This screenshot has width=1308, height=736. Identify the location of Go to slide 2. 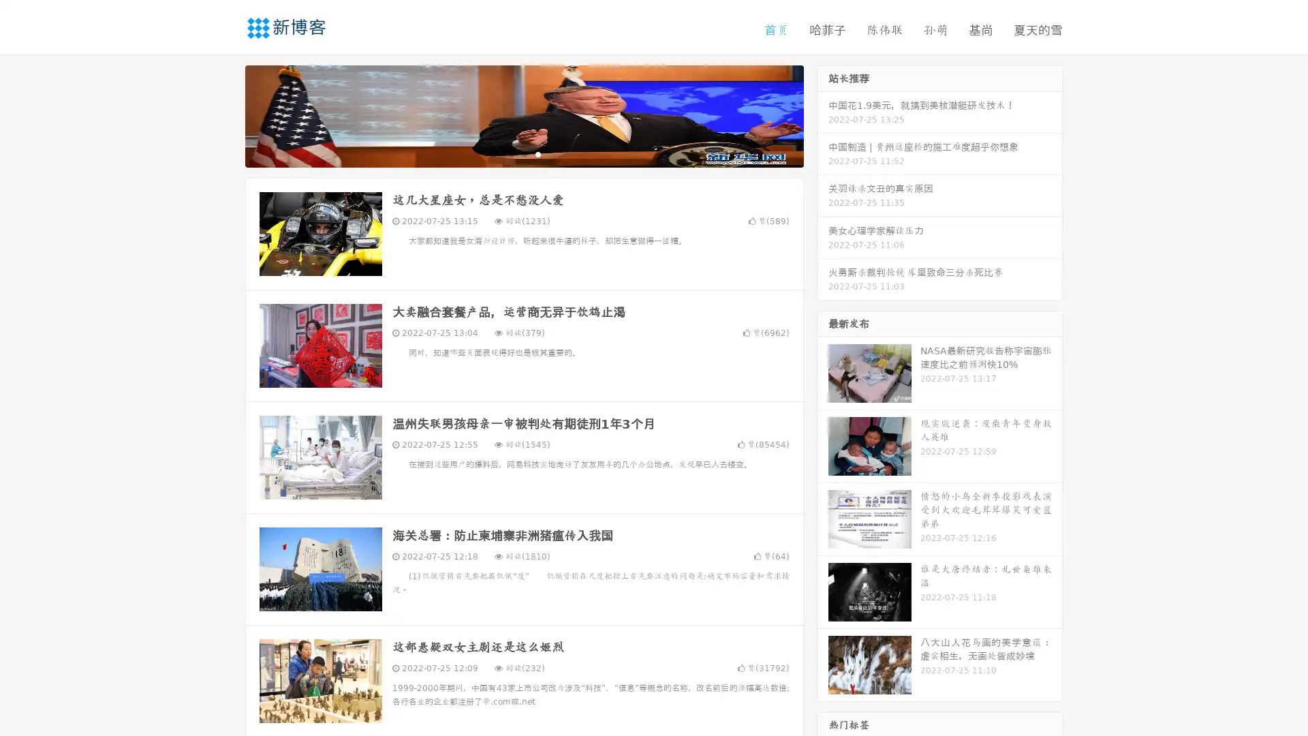
(523, 153).